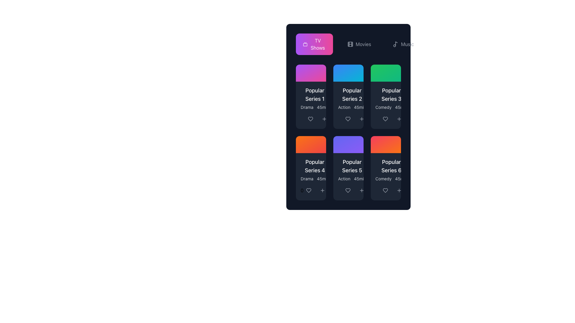 Image resolution: width=575 pixels, height=323 pixels. What do you see at coordinates (399, 119) in the screenshot?
I see `the '+' button icon located in the middle of three horizontal icons under the 'Popular Series 3' card` at bounding box center [399, 119].